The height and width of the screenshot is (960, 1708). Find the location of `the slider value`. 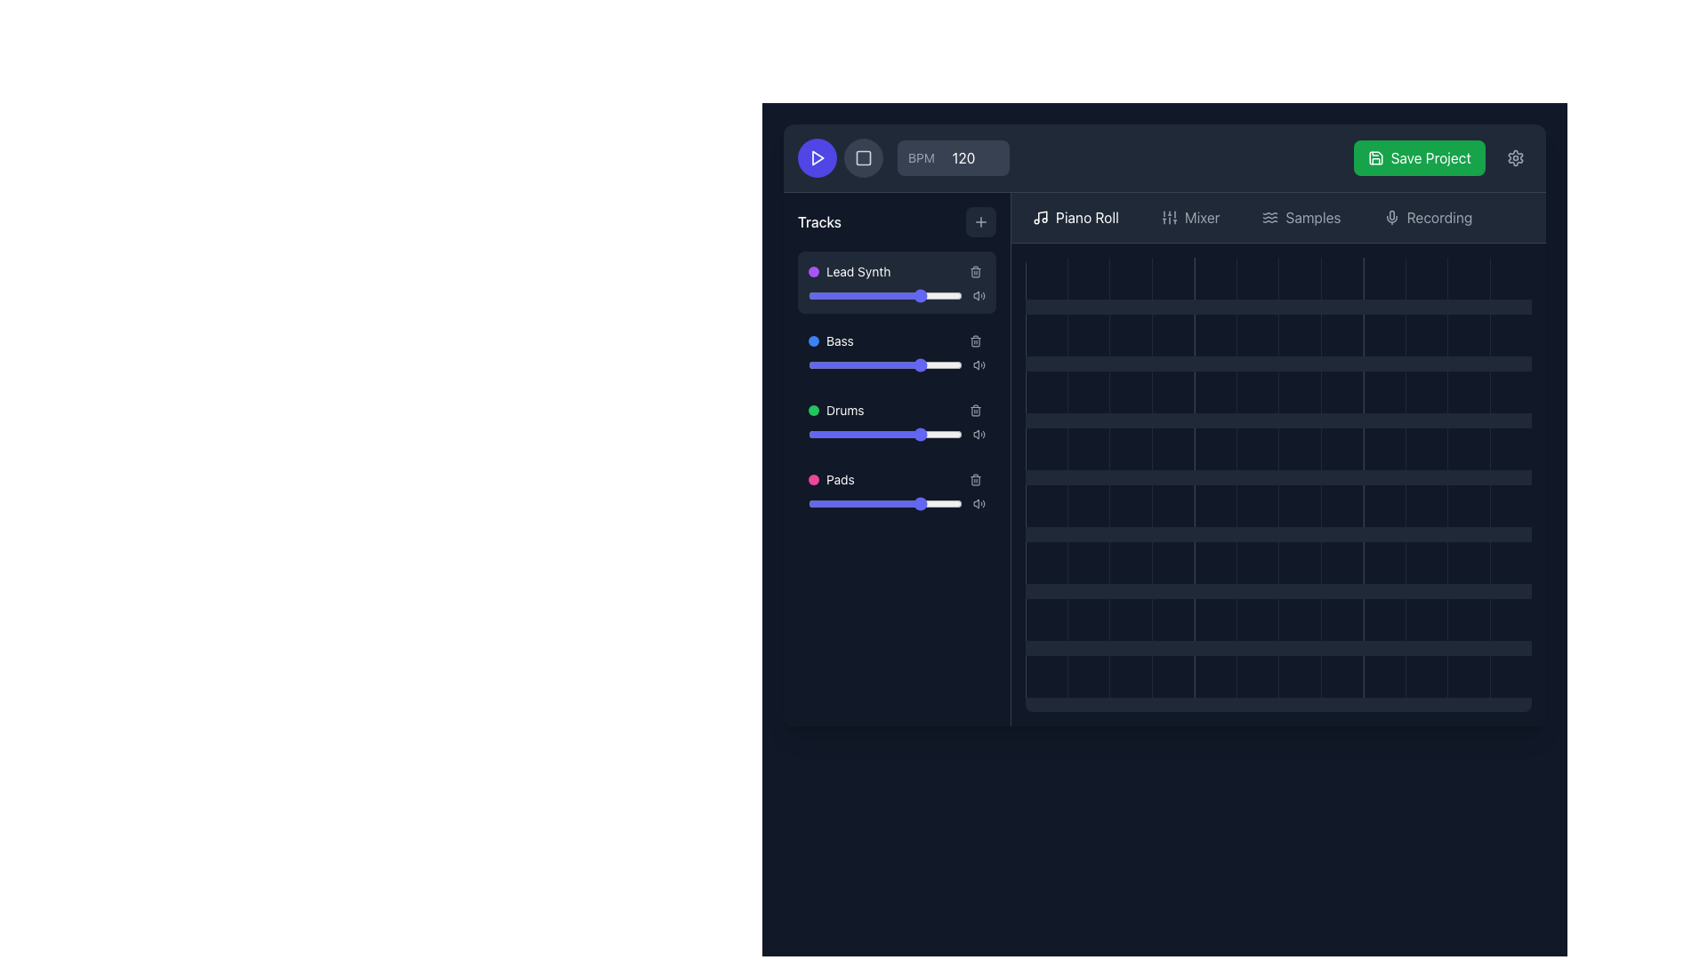

the slider value is located at coordinates (862, 294).